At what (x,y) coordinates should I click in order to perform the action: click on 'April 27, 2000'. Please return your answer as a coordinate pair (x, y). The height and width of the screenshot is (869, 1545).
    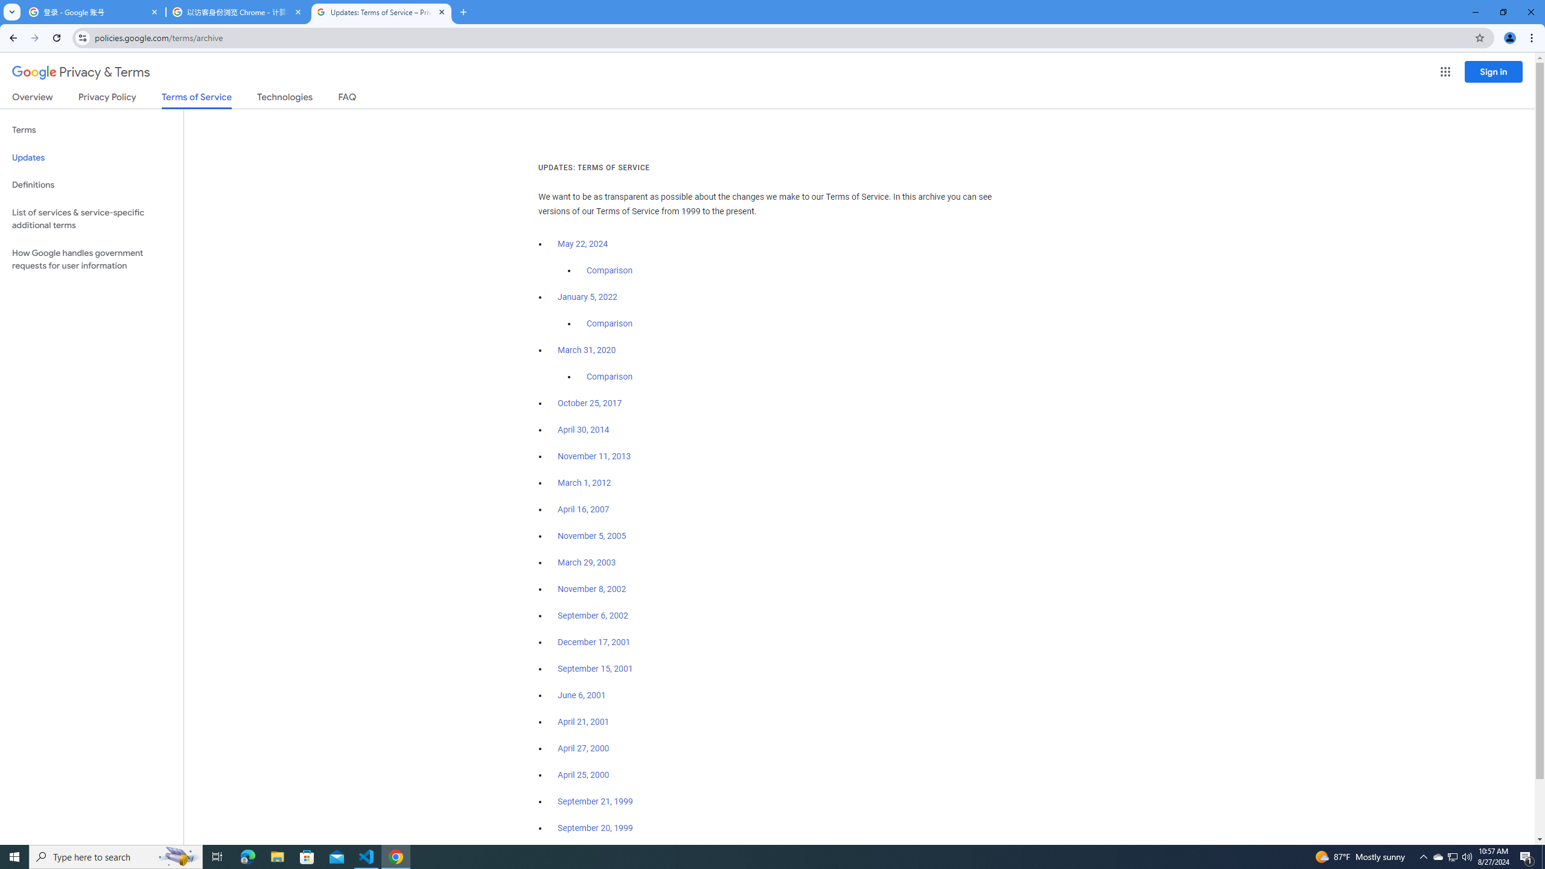
    Looking at the image, I should click on (583, 747).